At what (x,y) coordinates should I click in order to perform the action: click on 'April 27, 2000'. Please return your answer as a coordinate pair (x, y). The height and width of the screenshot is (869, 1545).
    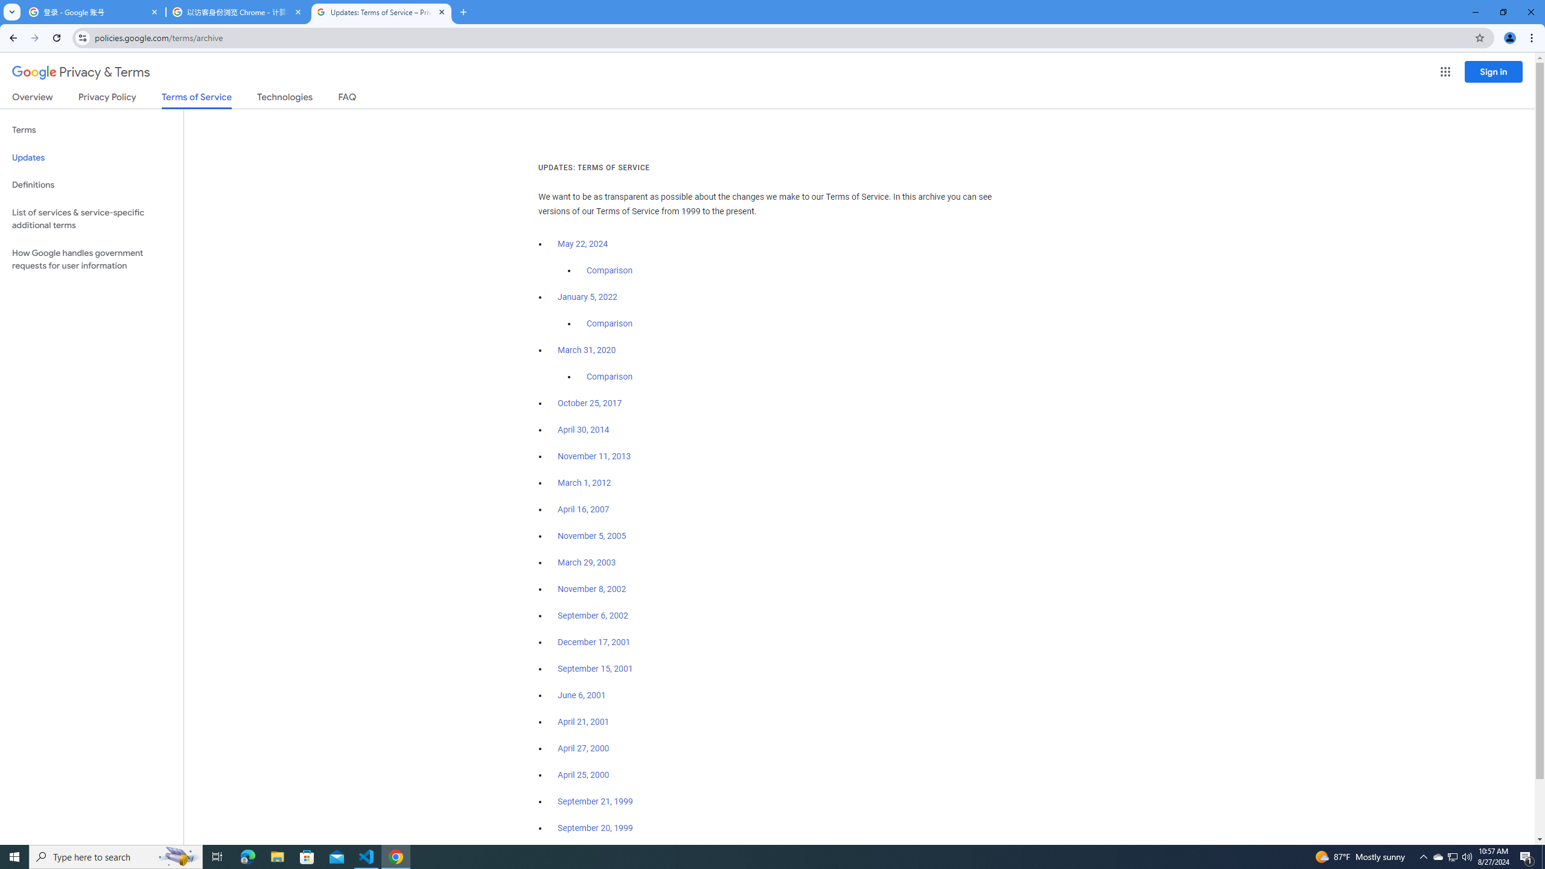
    Looking at the image, I should click on (583, 747).